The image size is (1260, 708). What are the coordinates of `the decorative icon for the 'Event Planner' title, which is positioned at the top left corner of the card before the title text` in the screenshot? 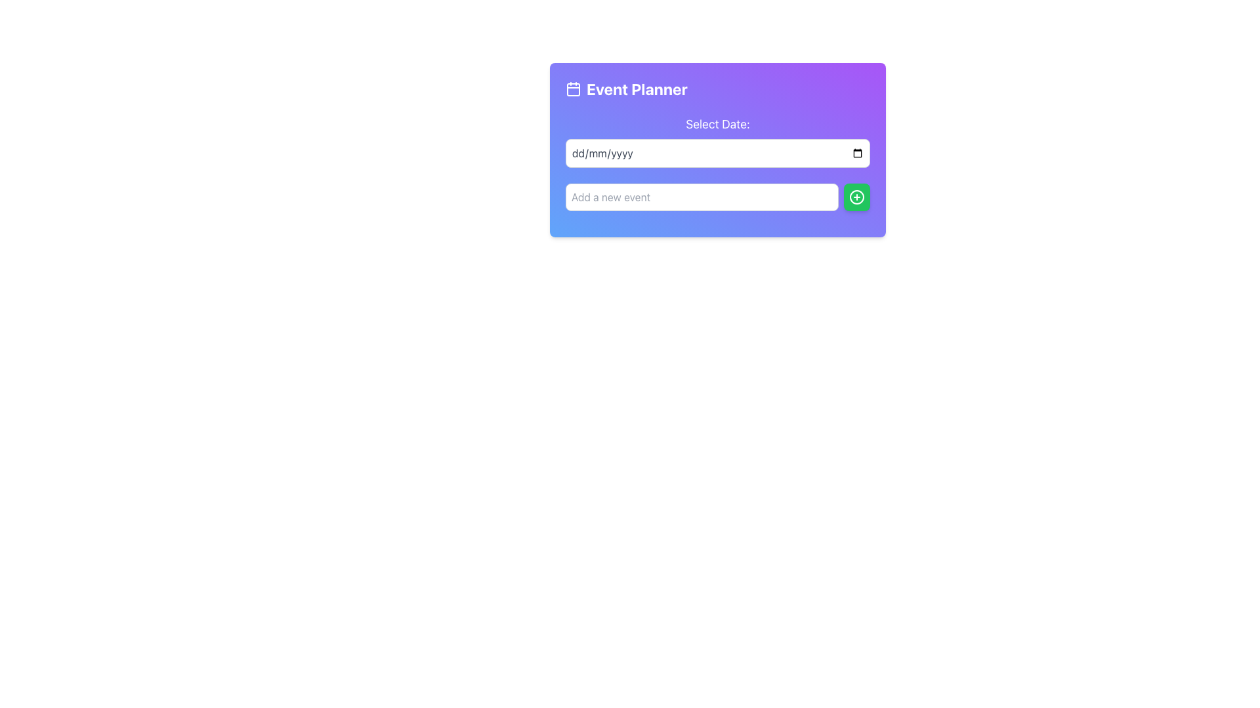 It's located at (573, 88).